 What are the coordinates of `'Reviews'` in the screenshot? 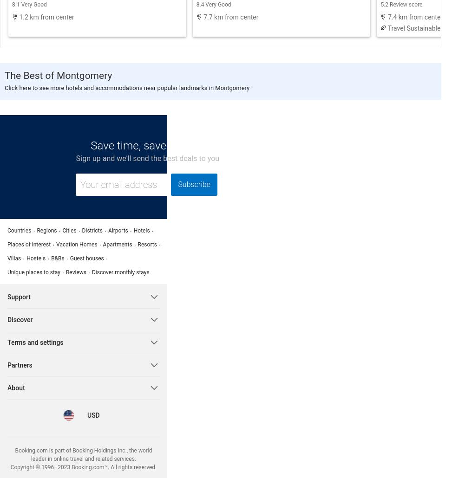 It's located at (75, 271).